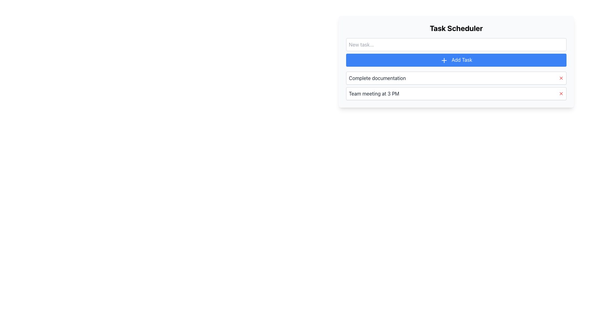 The width and height of the screenshot is (596, 335). I want to click on the plus sign icon located within the blue rectangular 'Add Task' button beneath the input field in the task scheduler interface, so click(444, 60).